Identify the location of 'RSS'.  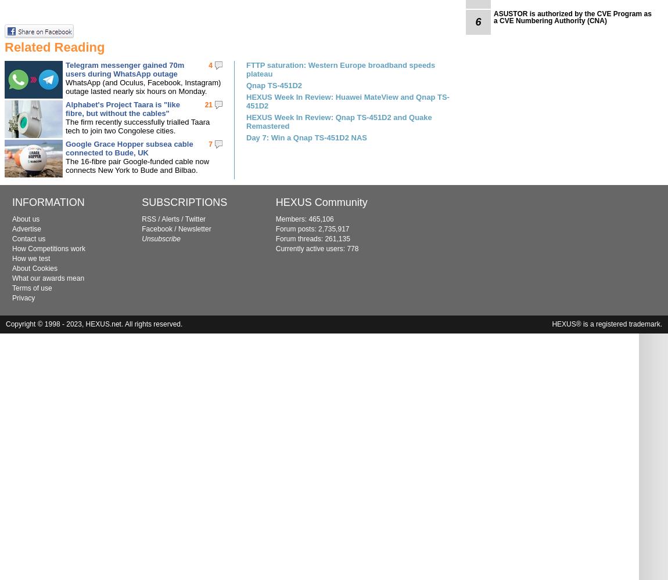
(148, 219).